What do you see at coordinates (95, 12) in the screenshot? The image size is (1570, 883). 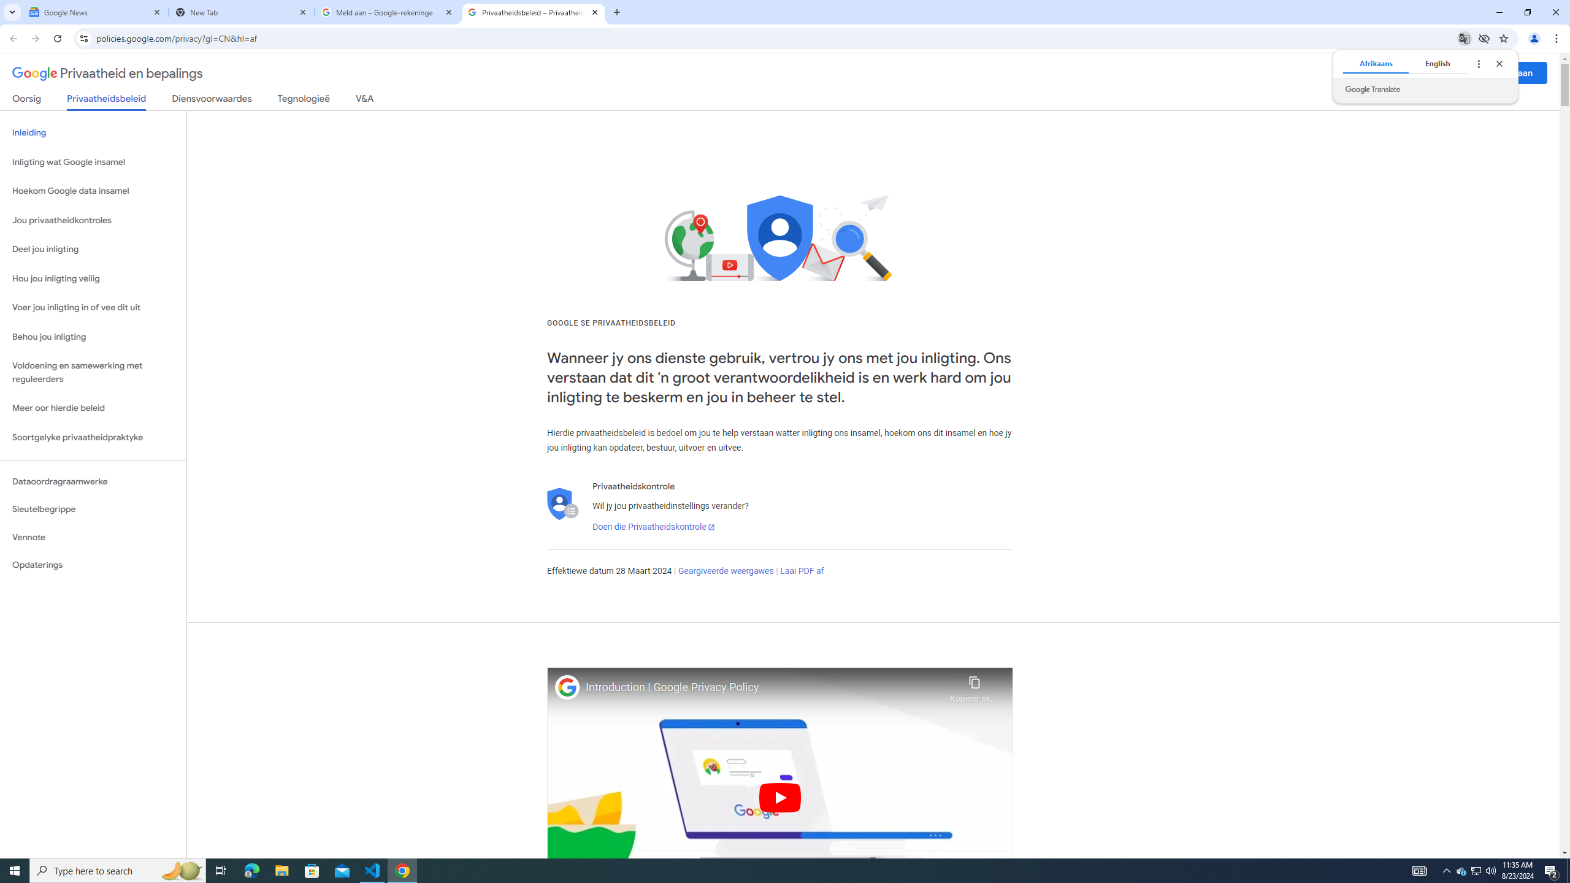 I see `'Google News'` at bounding box center [95, 12].